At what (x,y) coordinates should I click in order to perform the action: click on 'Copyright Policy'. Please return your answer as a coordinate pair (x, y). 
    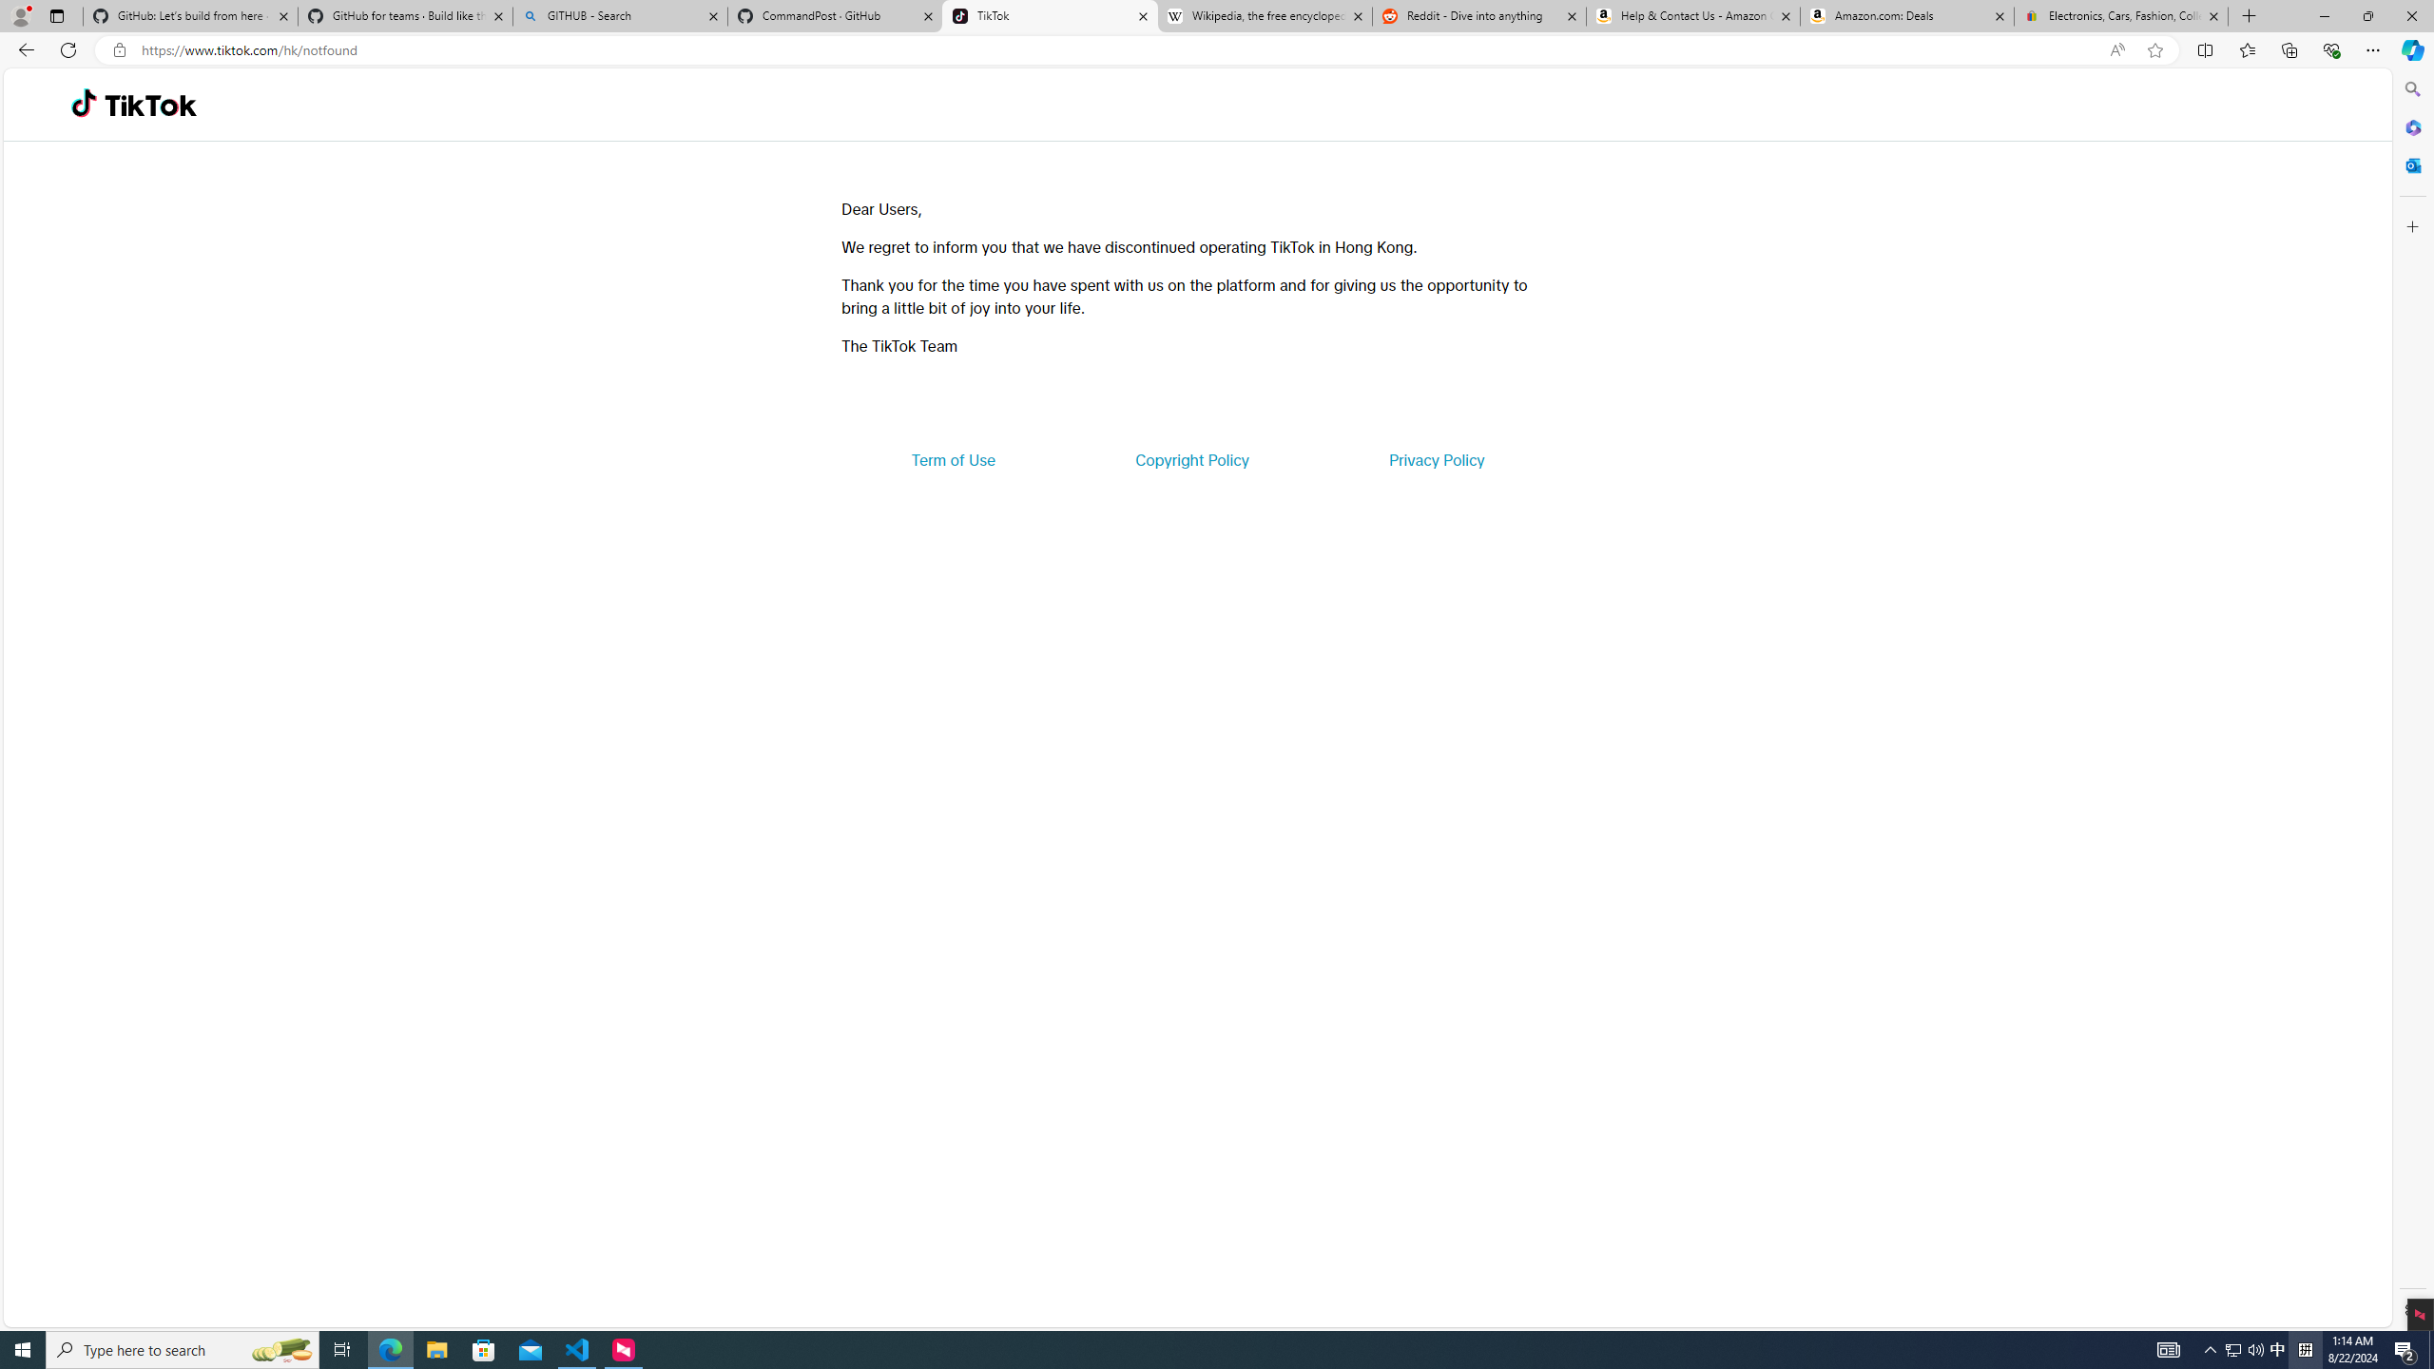
    Looking at the image, I should click on (1190, 458).